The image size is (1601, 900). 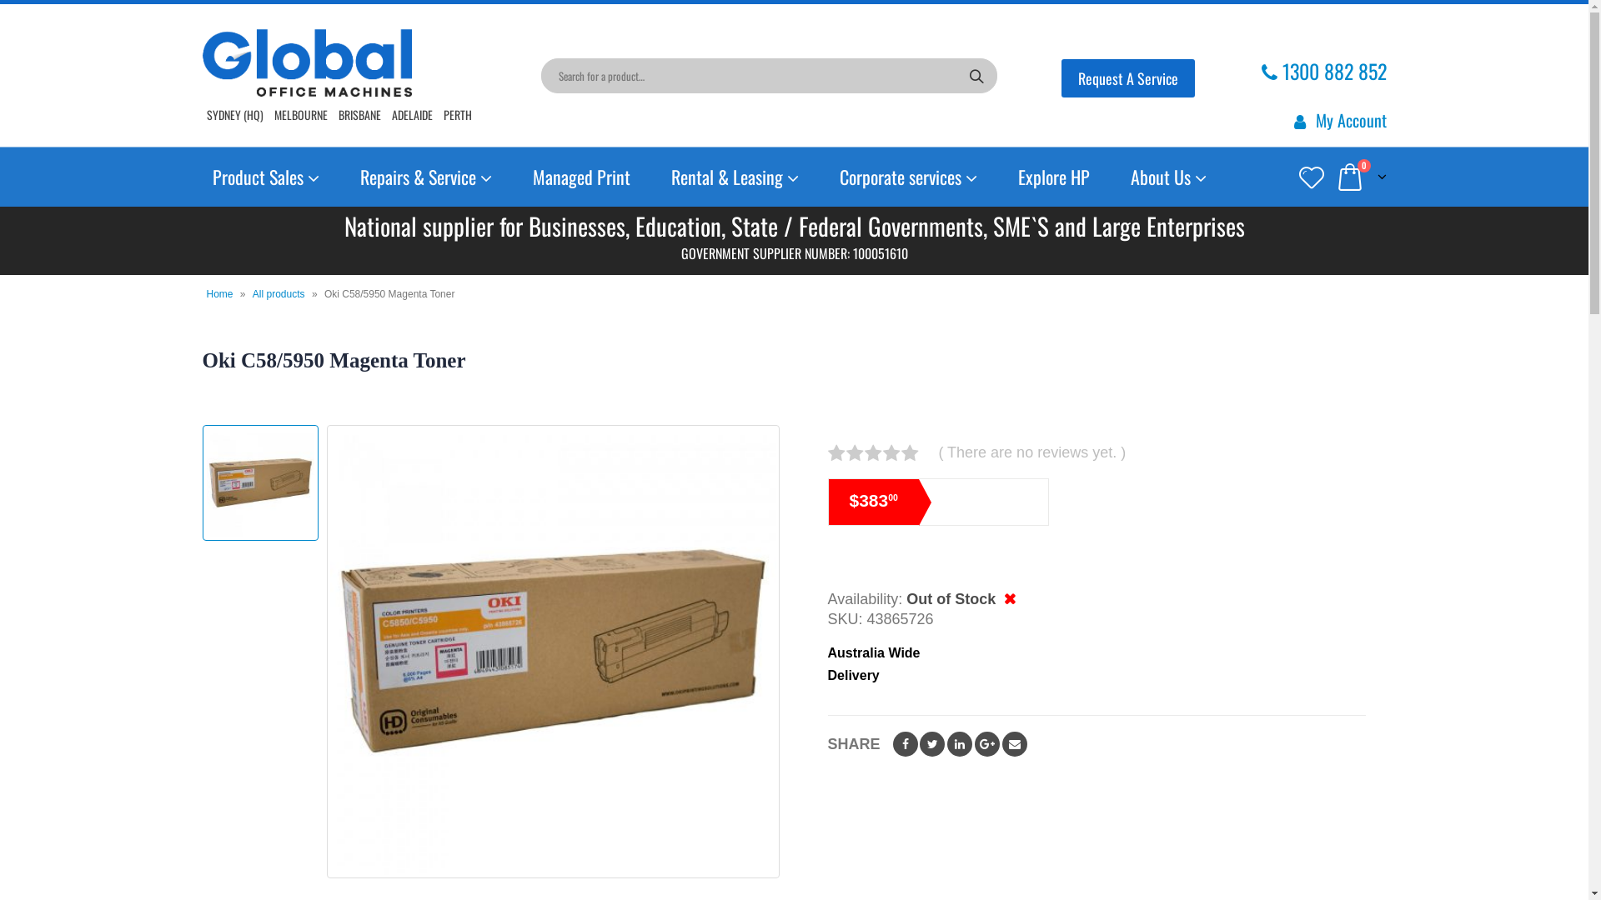 I want to click on 'Rental & Leasing', so click(x=660, y=177).